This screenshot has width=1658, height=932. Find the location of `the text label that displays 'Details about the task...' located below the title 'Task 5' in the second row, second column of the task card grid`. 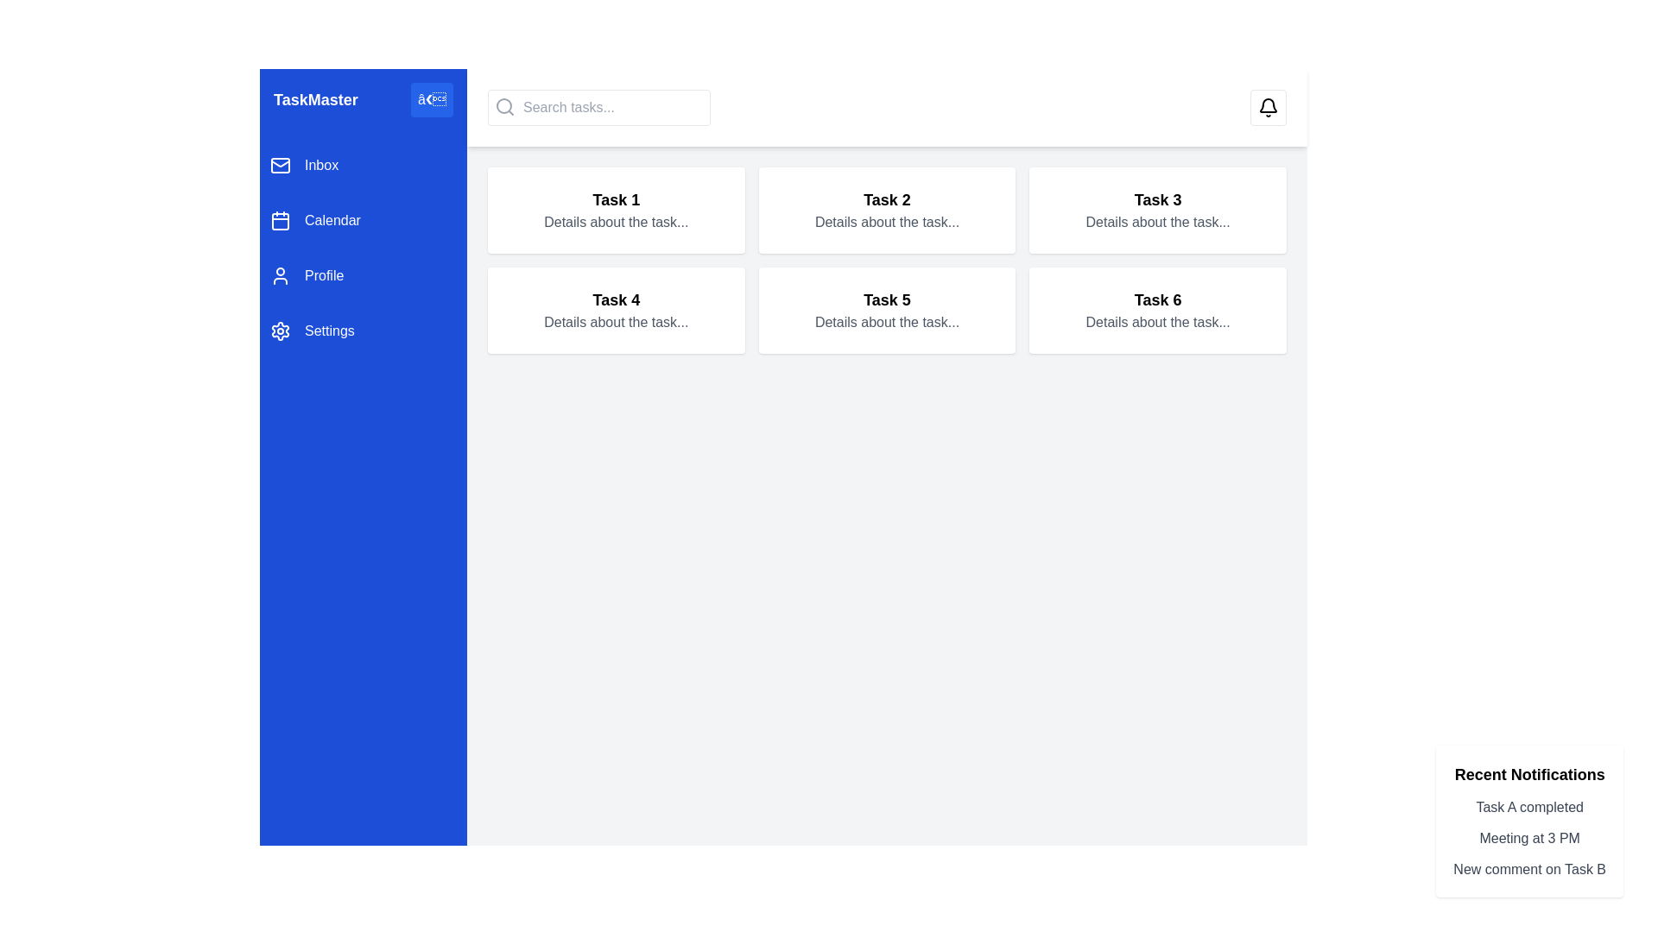

the text label that displays 'Details about the task...' located below the title 'Task 5' in the second row, second column of the task card grid is located at coordinates (887, 323).